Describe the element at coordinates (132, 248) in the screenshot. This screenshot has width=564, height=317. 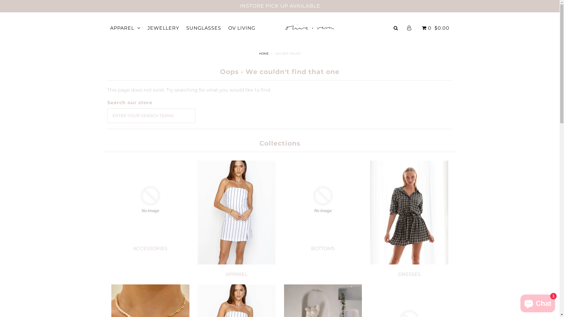
I see `'ACCESSORIES'` at that location.